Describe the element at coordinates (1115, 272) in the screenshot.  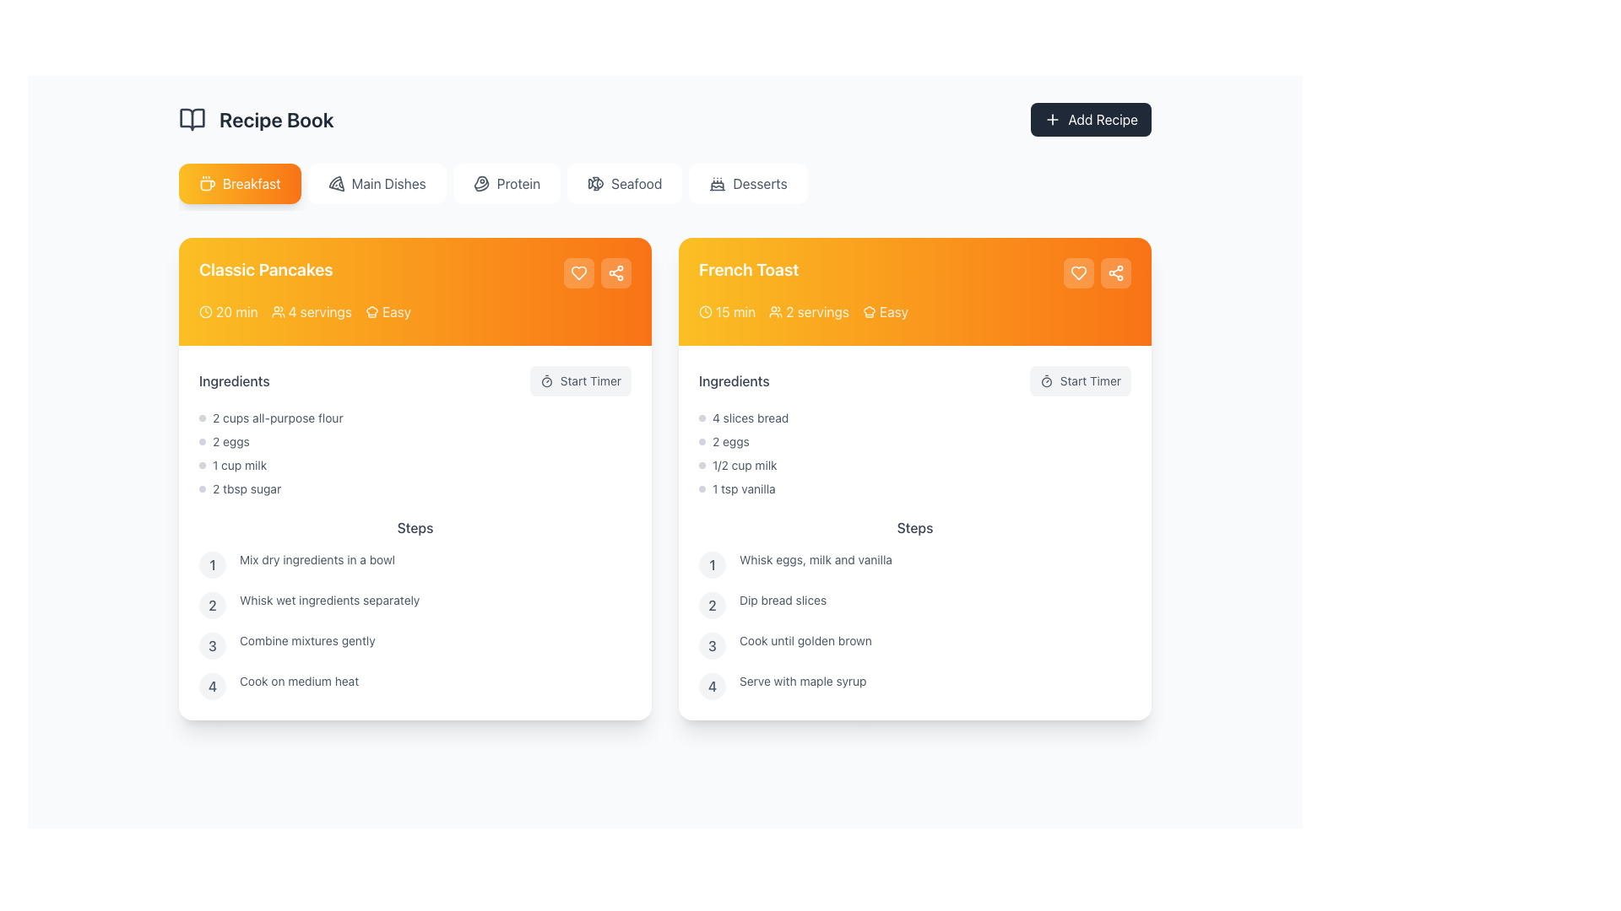
I see `the small rectangular button with rounded corners and a network-like diagram icon located at the top-right corner of the 'French Toast' recipe card` at that location.